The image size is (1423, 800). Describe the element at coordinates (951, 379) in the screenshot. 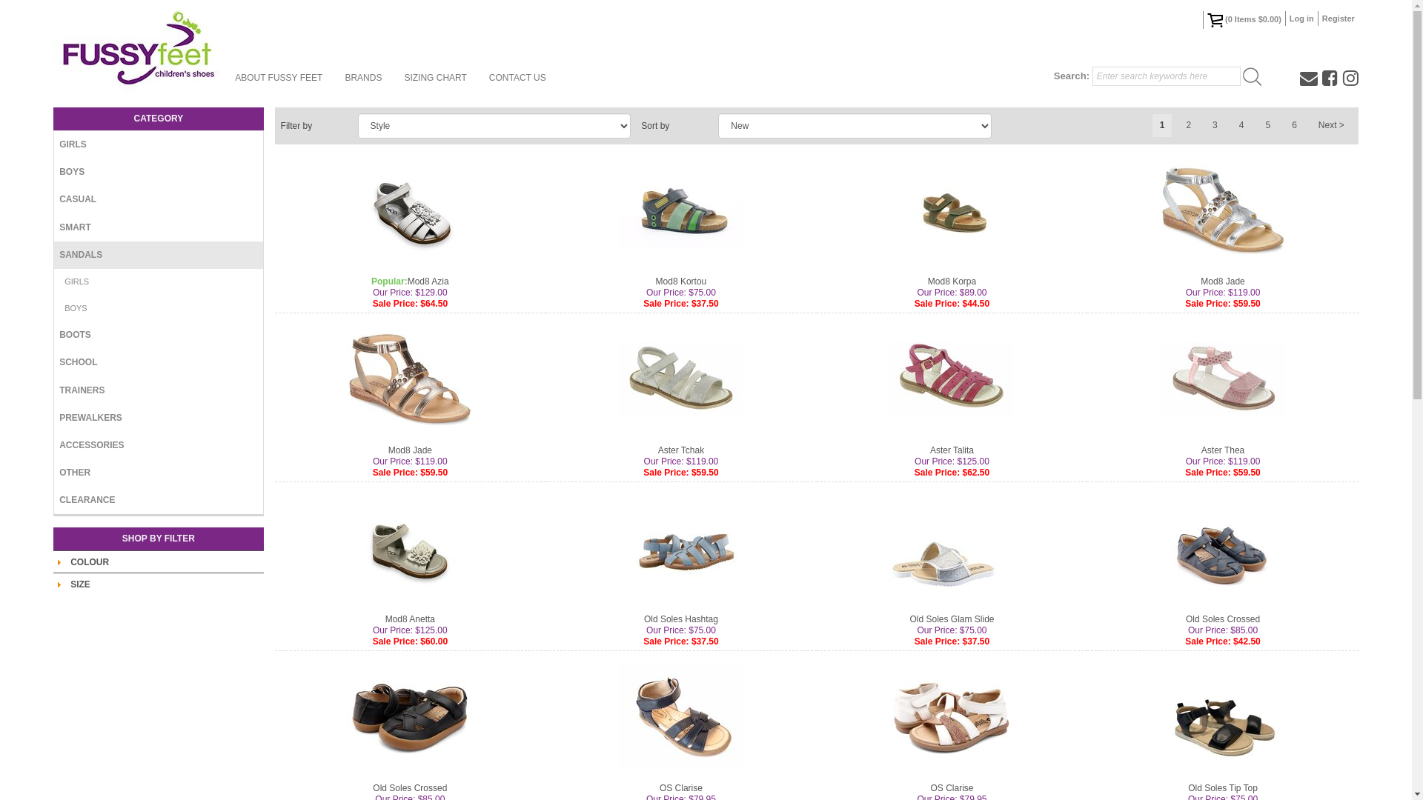

I see `'Aster Talita-sandals-Fussy Feet - Childrens Shoes'` at that location.